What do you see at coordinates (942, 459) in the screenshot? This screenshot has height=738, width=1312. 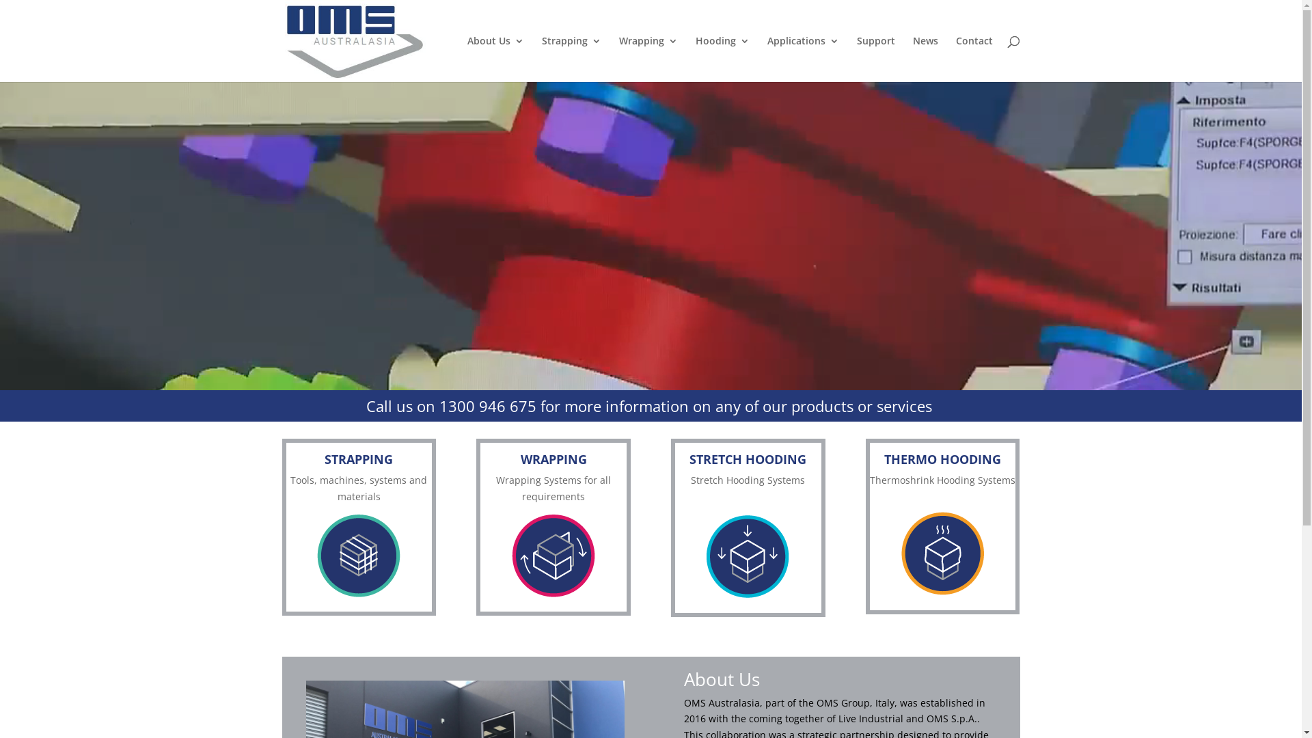 I see `'THERMO HOODING'` at bounding box center [942, 459].